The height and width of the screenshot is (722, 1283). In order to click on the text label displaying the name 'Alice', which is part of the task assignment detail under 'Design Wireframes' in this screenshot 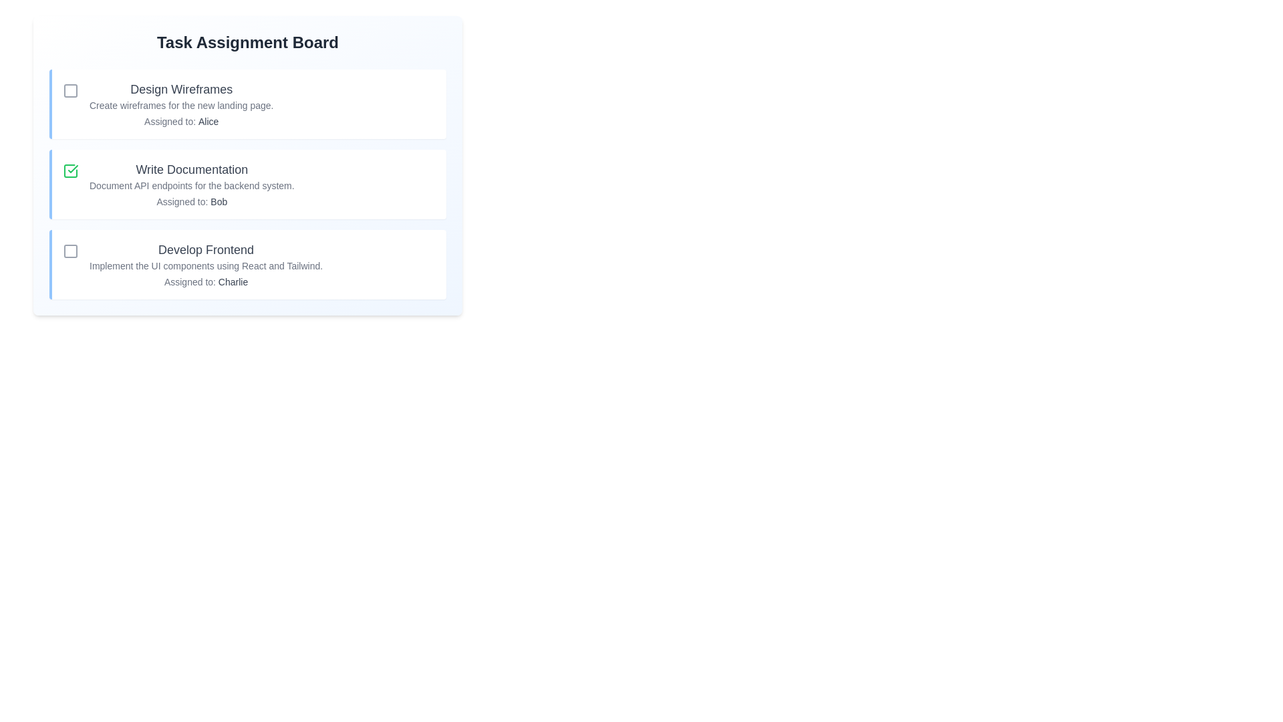, I will do `click(208, 121)`.